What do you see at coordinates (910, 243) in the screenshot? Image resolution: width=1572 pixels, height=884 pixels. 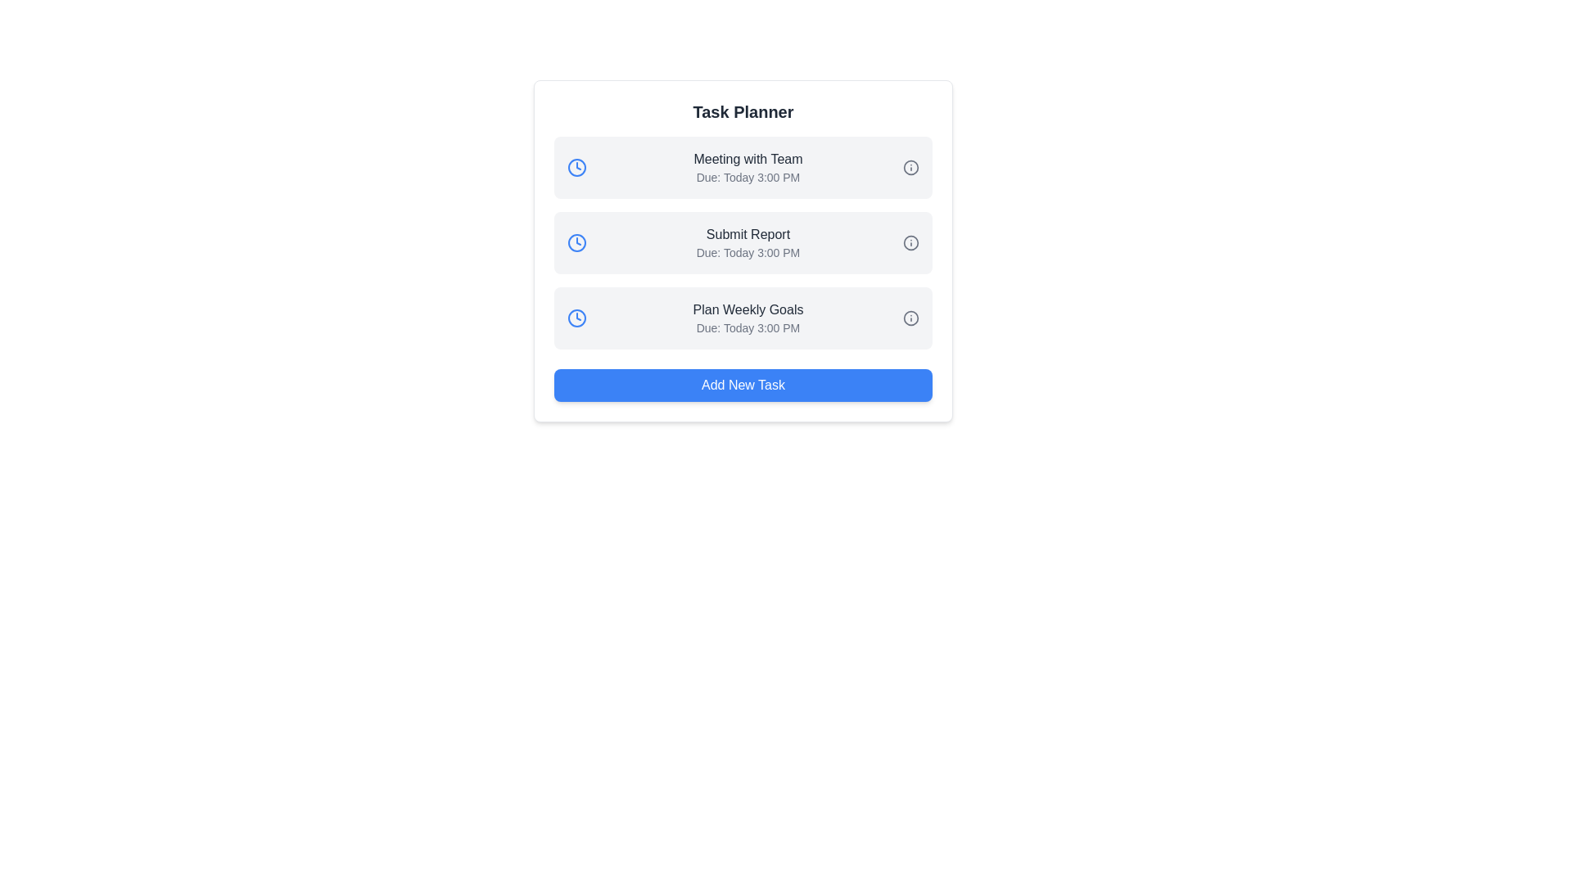 I see `the circular SVG element with a dark outline and light fill, located within the information icon on the rightmost side of the 'Submit Report' task row` at bounding box center [910, 243].